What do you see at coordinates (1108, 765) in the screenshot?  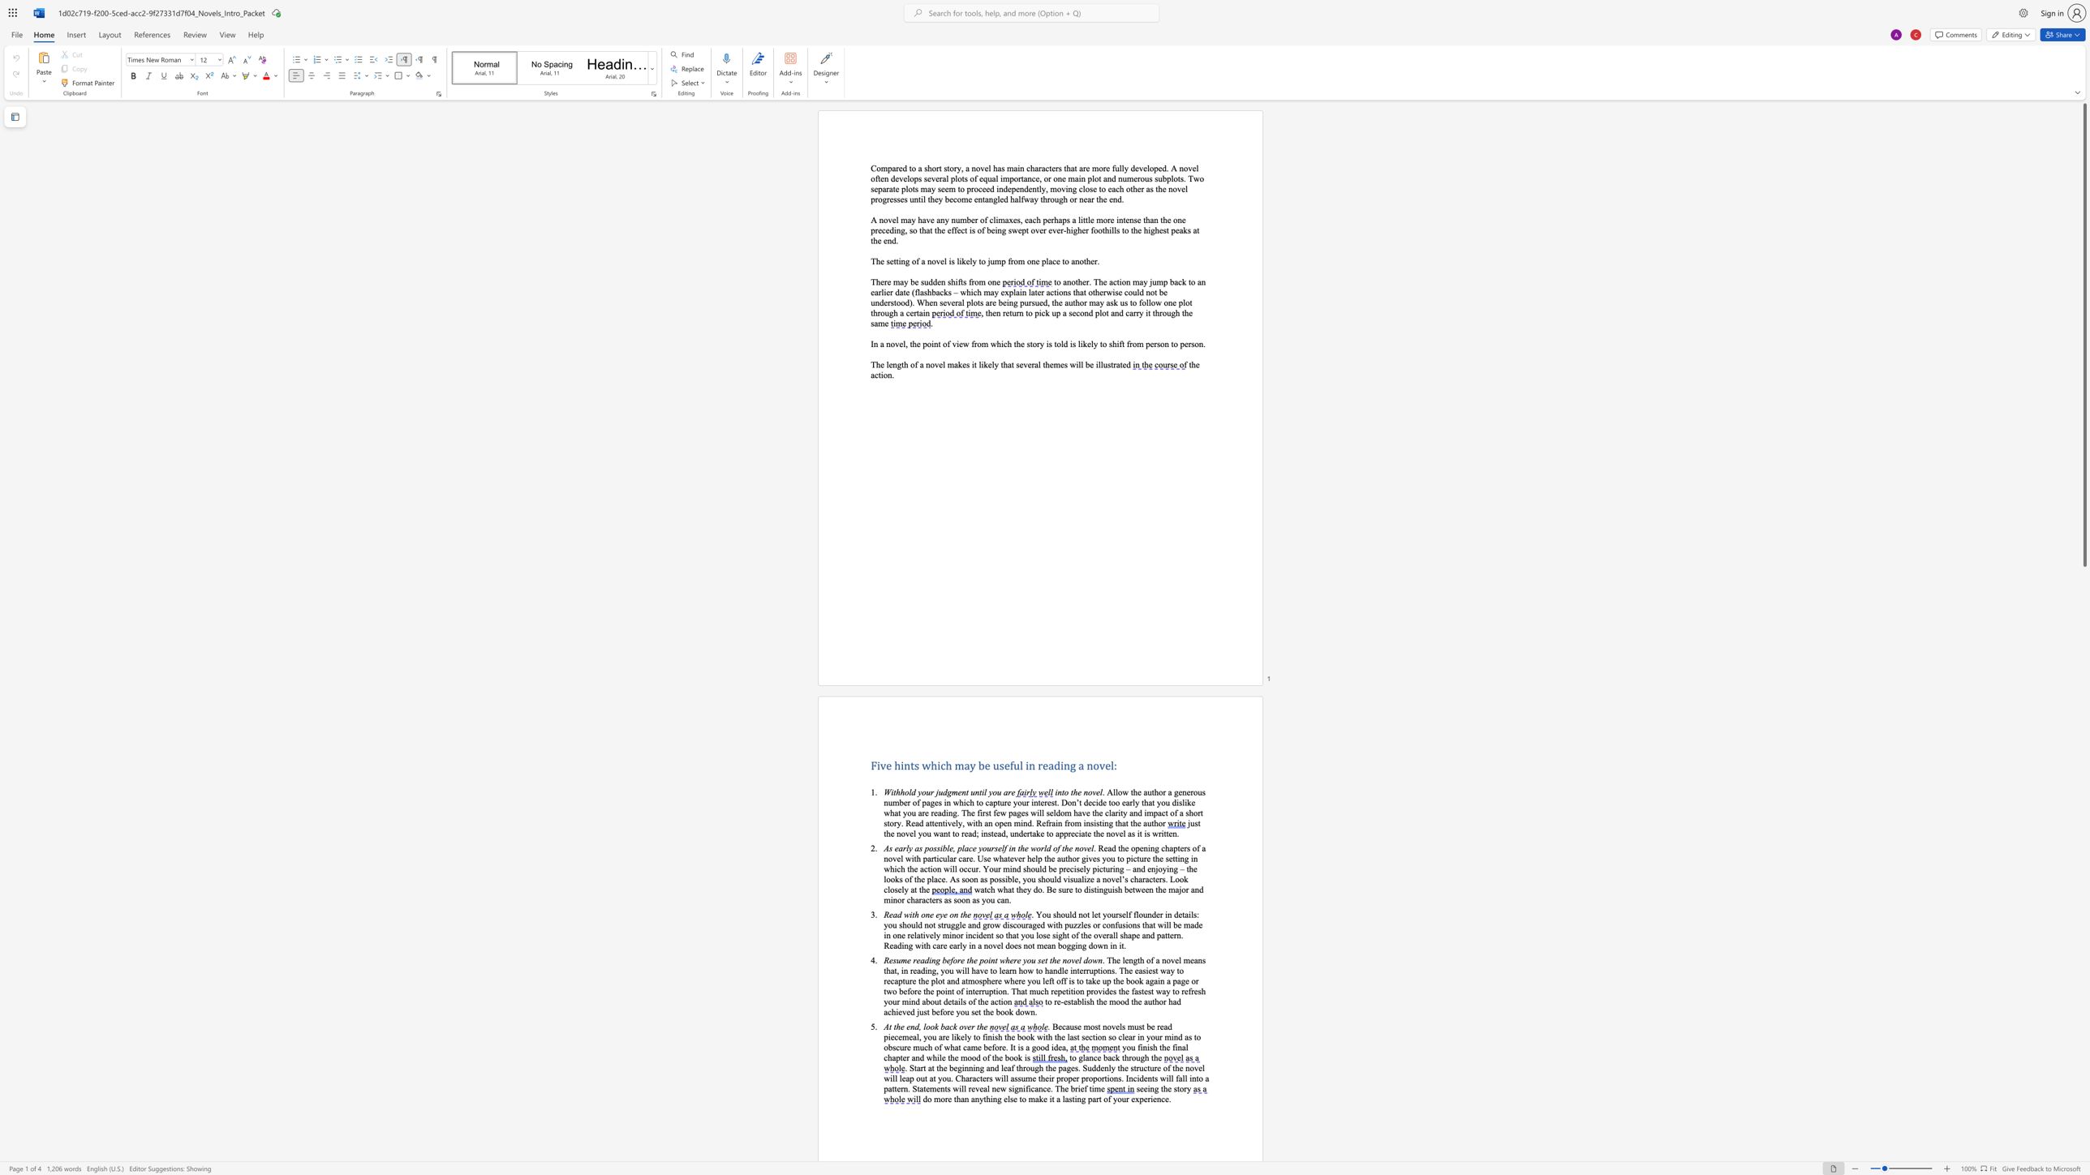 I see `the space between the continuous character "e" and "l" in the text` at bounding box center [1108, 765].